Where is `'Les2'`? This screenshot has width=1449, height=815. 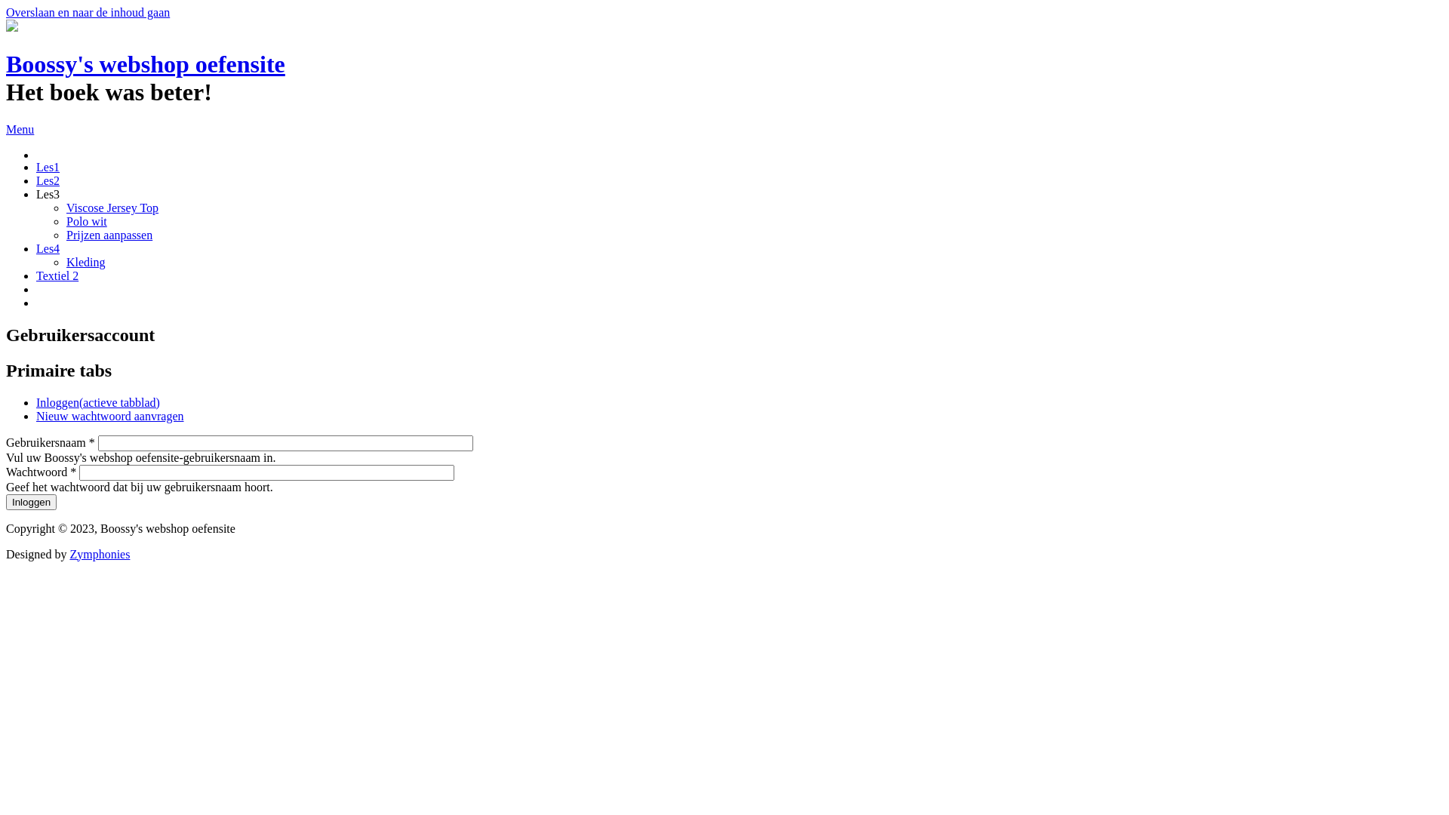
'Les2' is located at coordinates (48, 180).